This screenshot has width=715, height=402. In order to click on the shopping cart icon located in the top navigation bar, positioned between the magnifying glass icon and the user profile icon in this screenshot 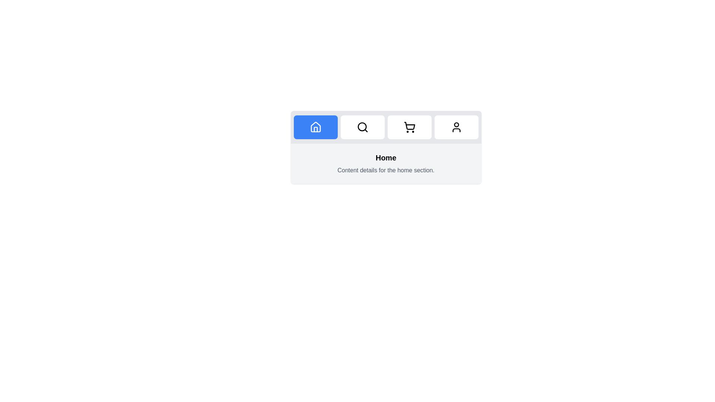, I will do `click(409, 125)`.